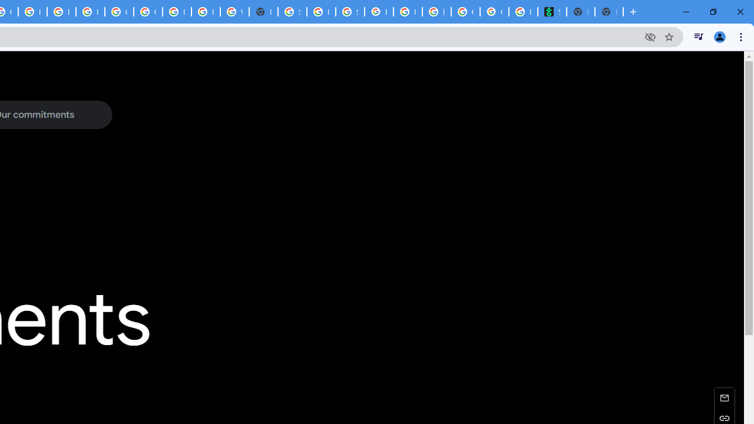  Describe the element at coordinates (147, 12) in the screenshot. I see `'Google Cloud Platform'` at that location.